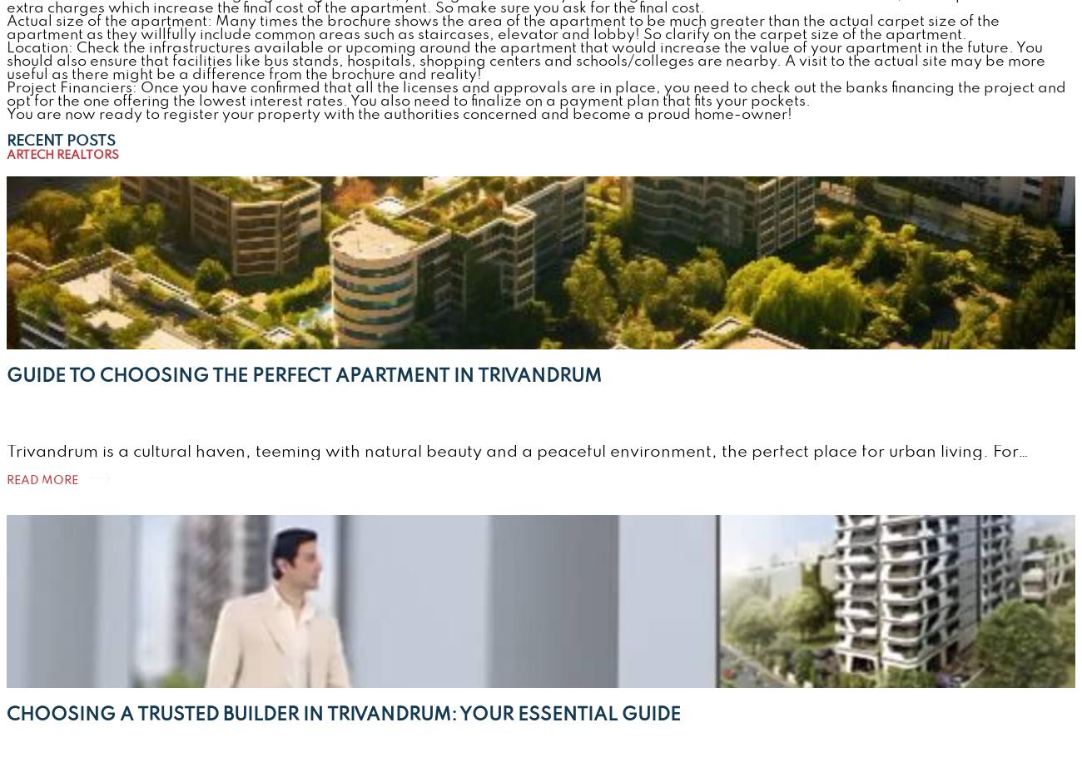  Describe the element at coordinates (536, 94) in the screenshot. I see `'Project Financiers: Once you have confirmed that all the licenses and approvals are in place, you need to check out the banks financing the project and opt for the one offering the lowest interest rates. You also need to finalize on a payment plan that fits your pockets.'` at that location.